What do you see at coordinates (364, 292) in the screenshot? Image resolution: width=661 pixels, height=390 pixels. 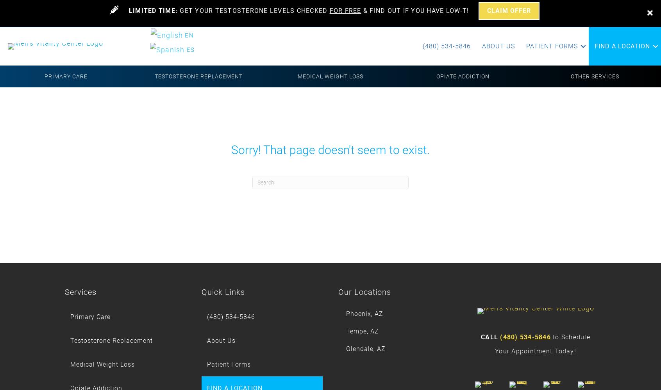 I see `'Our Locations'` at bounding box center [364, 292].